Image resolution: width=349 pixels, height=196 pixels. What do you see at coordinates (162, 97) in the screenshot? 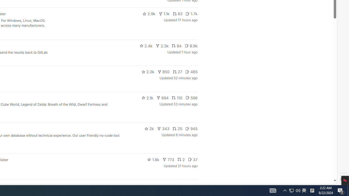
I see `'694'` at bounding box center [162, 97].